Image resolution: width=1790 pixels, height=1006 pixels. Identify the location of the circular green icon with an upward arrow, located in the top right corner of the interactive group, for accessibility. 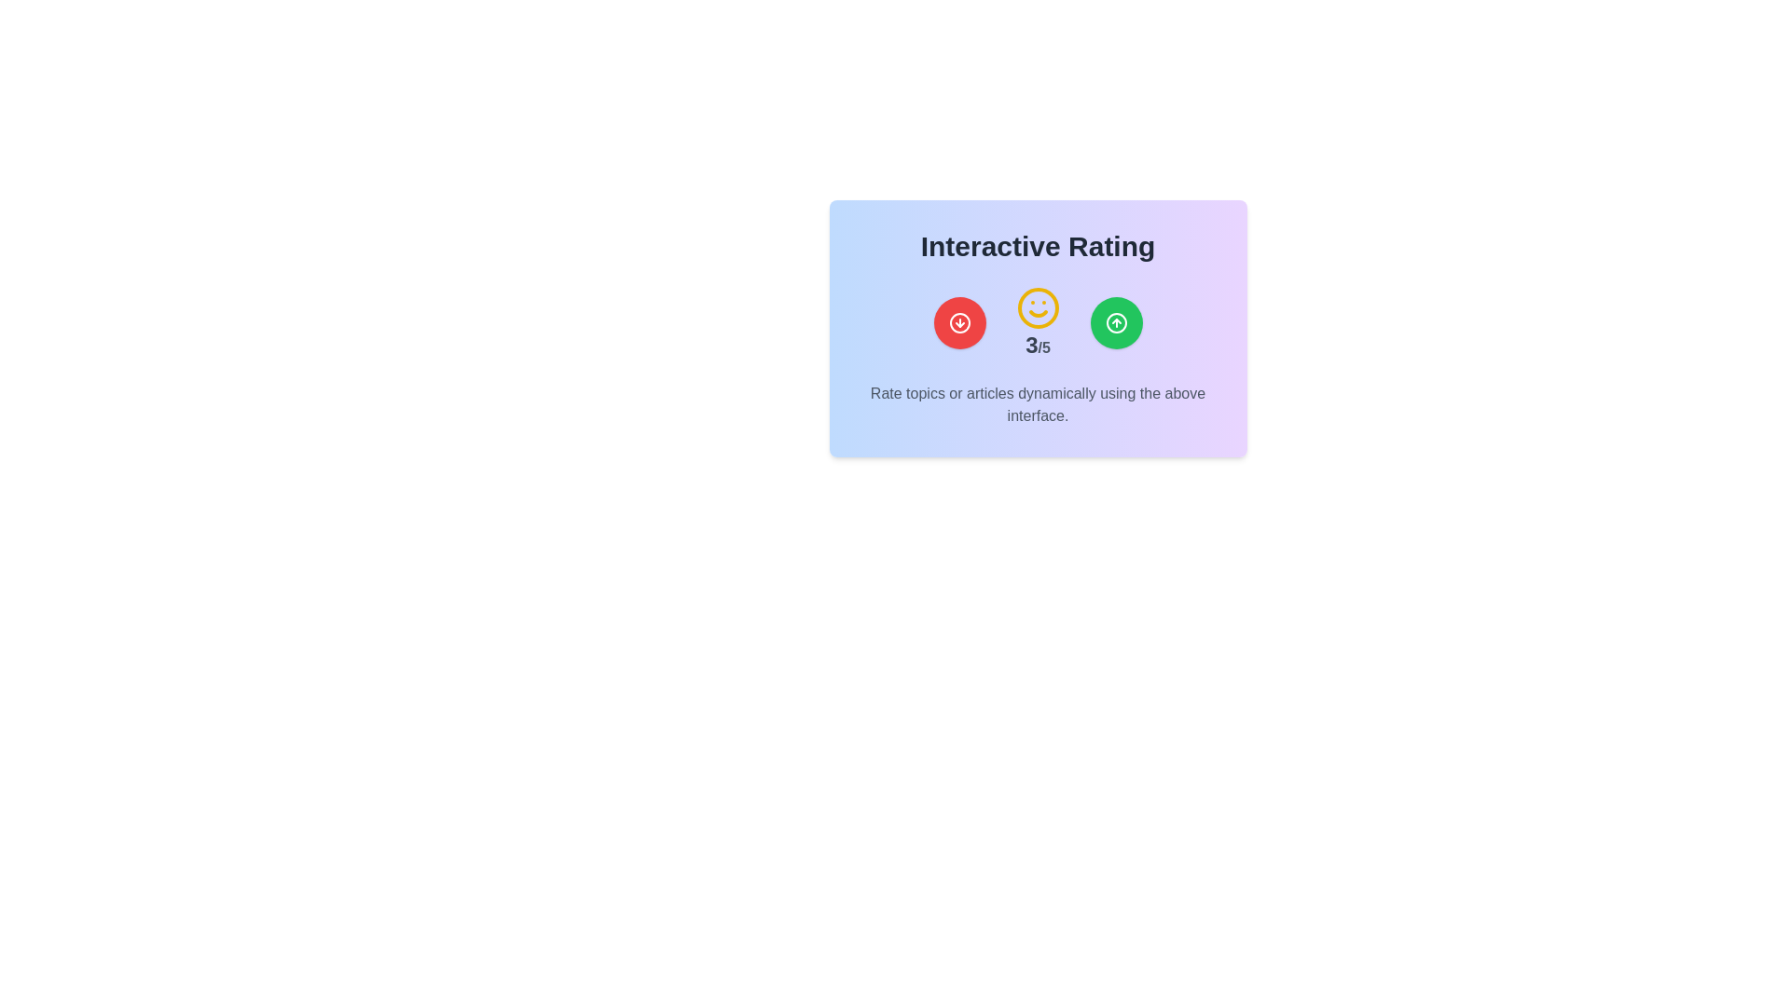
(1116, 322).